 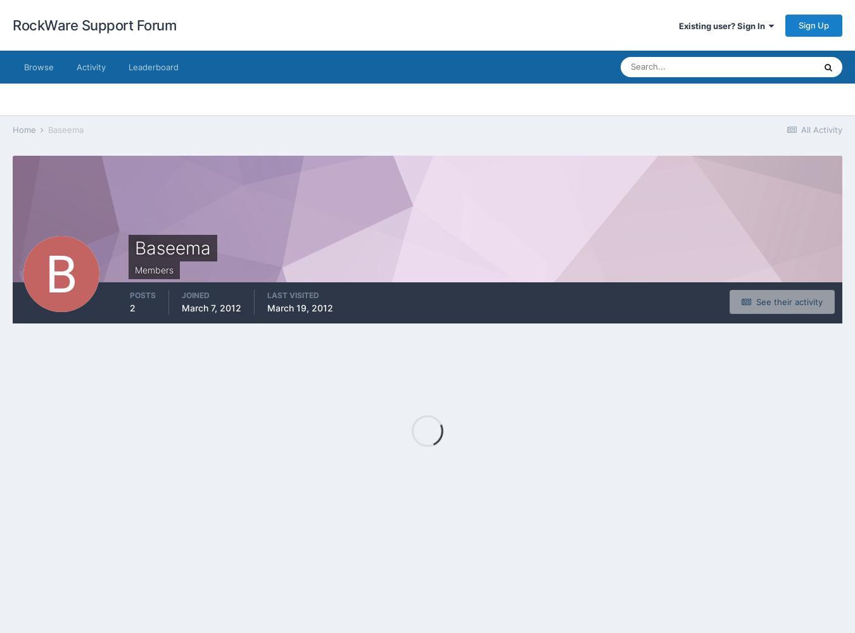 I want to click on 'Existing user? Sign In', so click(x=723, y=25).